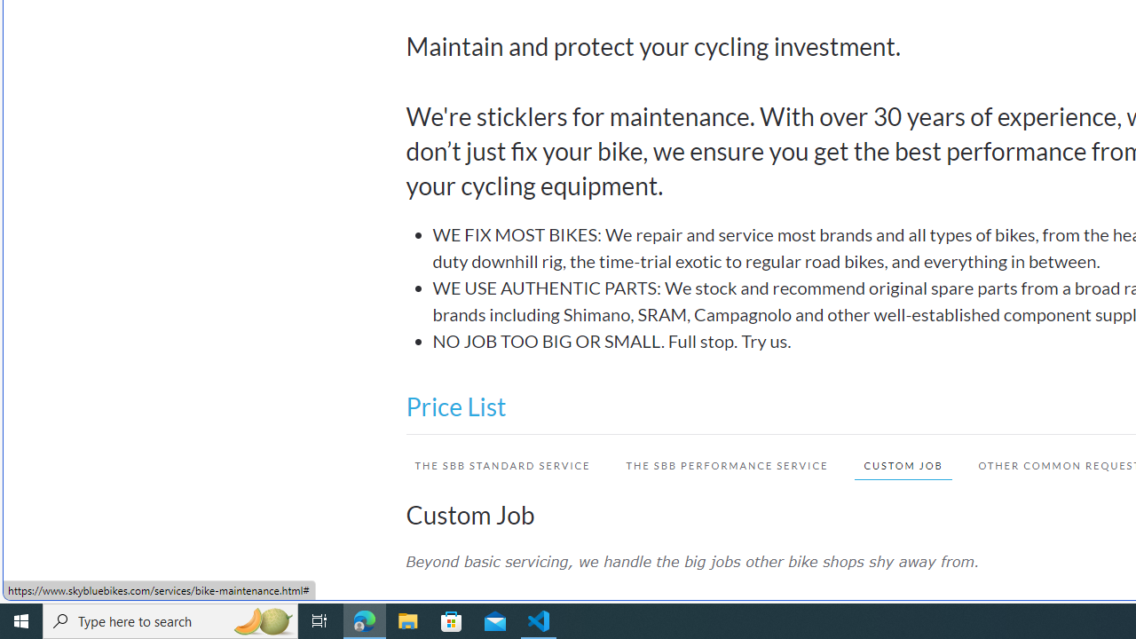 Image resolution: width=1136 pixels, height=639 pixels. Describe the element at coordinates (501, 464) in the screenshot. I see `'THE SBB STANDARD SERVICE'` at that location.